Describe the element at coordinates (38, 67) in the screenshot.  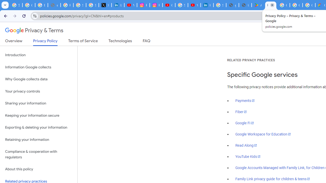
I see `'Information Google collects'` at that location.